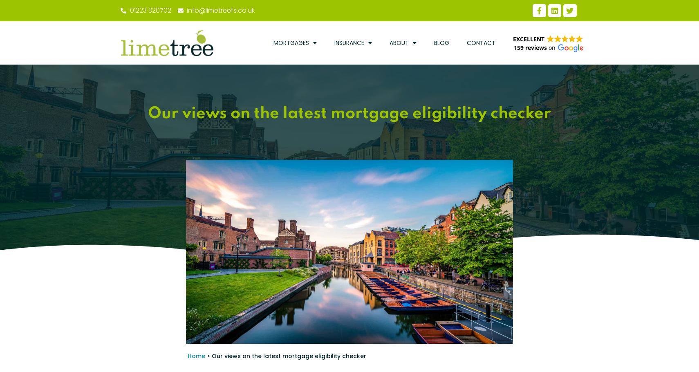 The image size is (699, 372). I want to click on 'Phone', so click(141, 55).